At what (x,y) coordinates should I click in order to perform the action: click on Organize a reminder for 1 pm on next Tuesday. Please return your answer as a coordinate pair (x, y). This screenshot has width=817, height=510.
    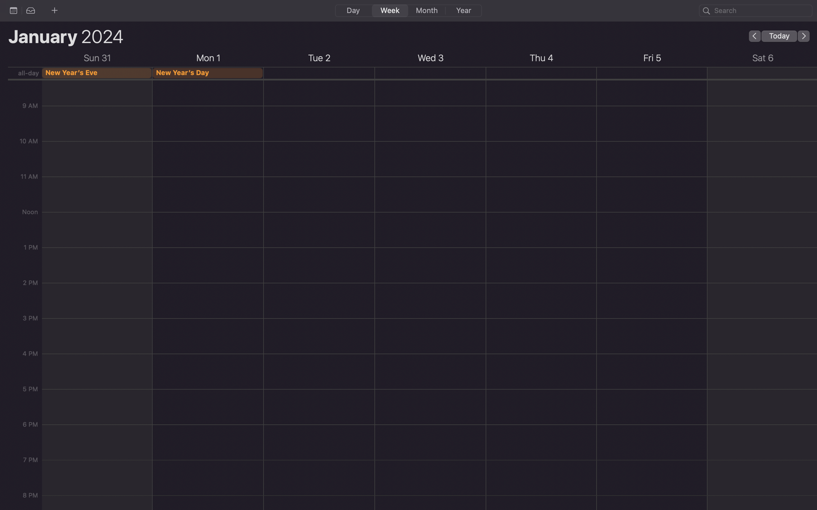
    Looking at the image, I should click on (319, 329).